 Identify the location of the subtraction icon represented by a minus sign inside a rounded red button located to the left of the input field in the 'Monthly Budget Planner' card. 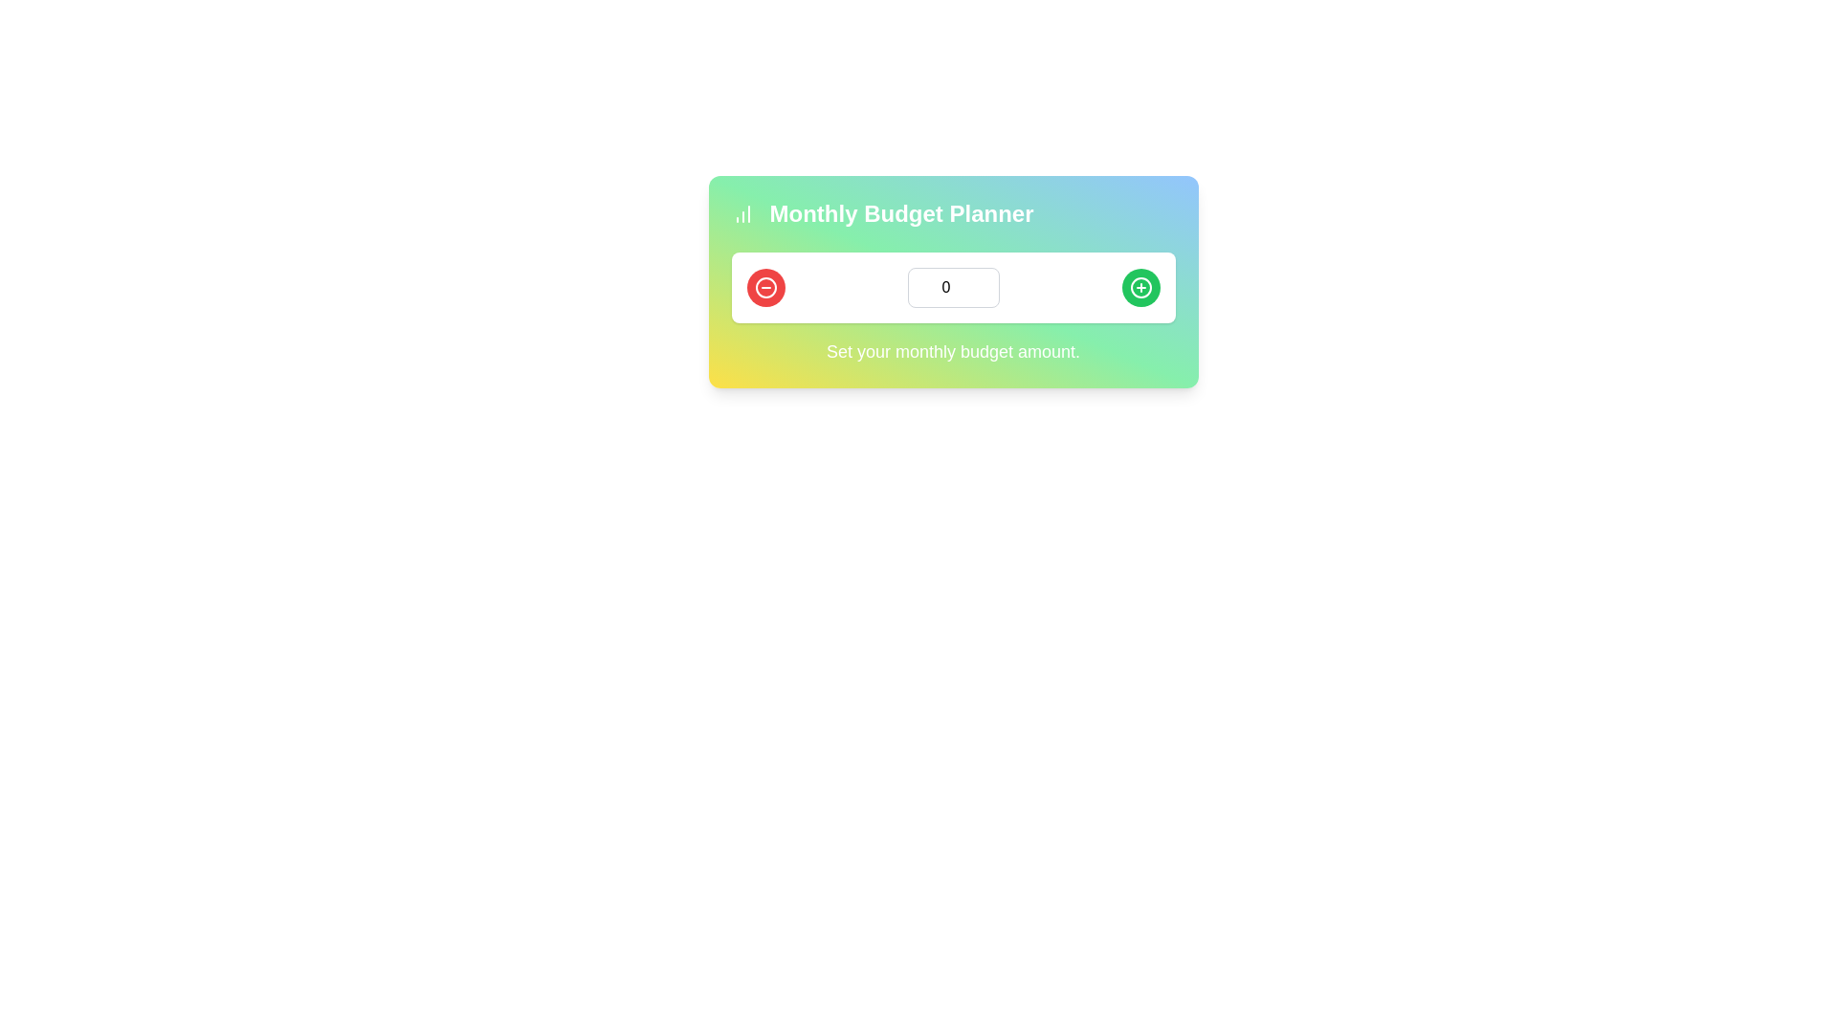
(765, 287).